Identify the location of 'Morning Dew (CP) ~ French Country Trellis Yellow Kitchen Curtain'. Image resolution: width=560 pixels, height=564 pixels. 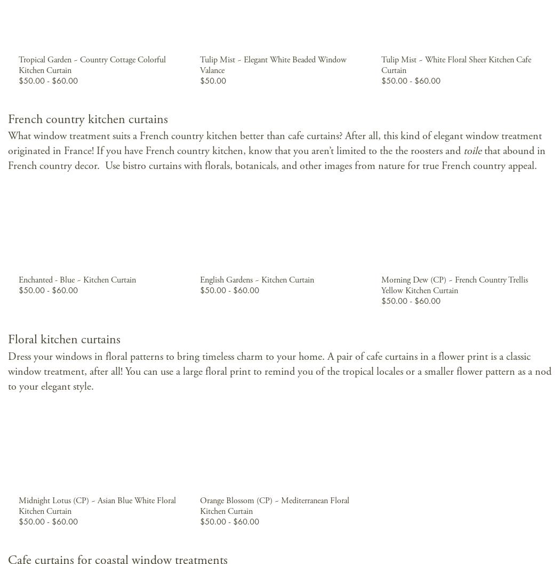
(454, 285).